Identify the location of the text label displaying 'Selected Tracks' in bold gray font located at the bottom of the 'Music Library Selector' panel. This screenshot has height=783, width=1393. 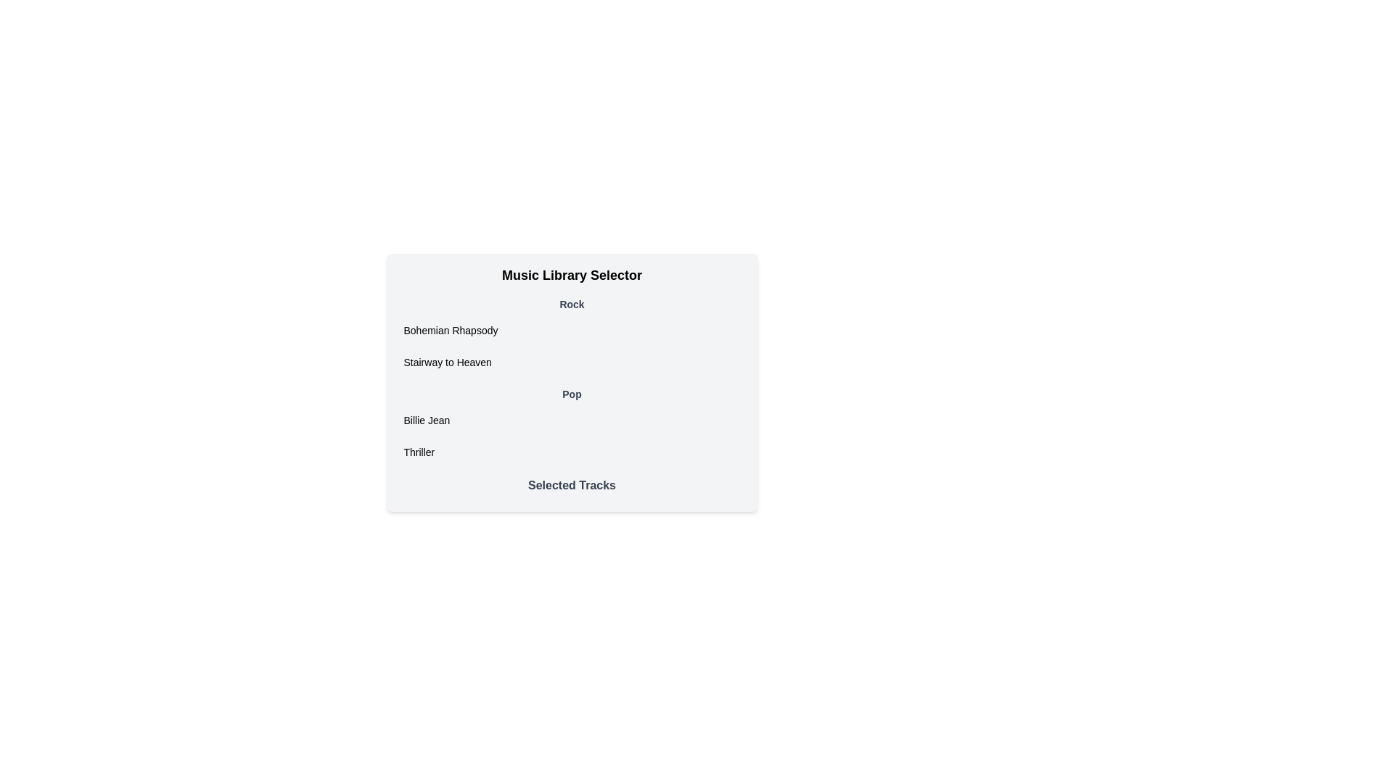
(571, 486).